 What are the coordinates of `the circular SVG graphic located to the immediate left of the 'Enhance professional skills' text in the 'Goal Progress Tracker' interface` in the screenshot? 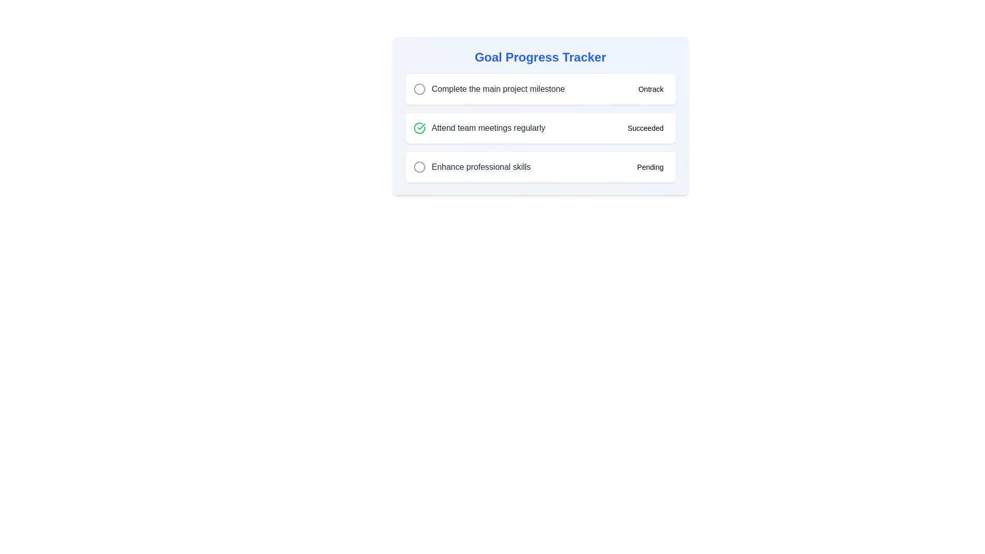 It's located at (419, 167).